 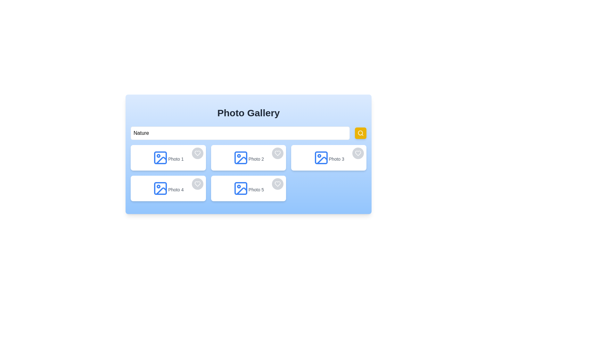 What do you see at coordinates (321, 157) in the screenshot?
I see `the vibrant blue icon with a rectangle and circle representing the 'Photo 3' tile in the photo gallery grid` at bounding box center [321, 157].